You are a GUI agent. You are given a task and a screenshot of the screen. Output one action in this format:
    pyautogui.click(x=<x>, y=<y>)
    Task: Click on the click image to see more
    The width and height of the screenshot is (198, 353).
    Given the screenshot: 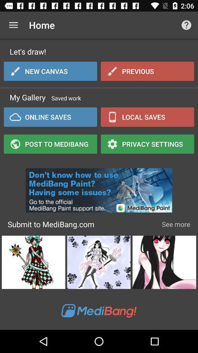 What is the action you would take?
    pyautogui.click(x=164, y=262)
    